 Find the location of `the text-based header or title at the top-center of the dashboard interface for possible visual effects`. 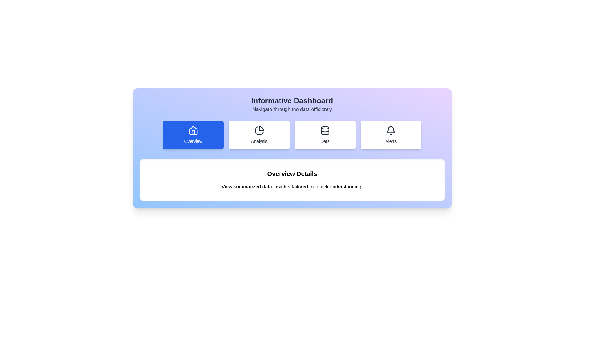

the text-based header or title at the top-center of the dashboard interface for possible visual effects is located at coordinates (292, 100).